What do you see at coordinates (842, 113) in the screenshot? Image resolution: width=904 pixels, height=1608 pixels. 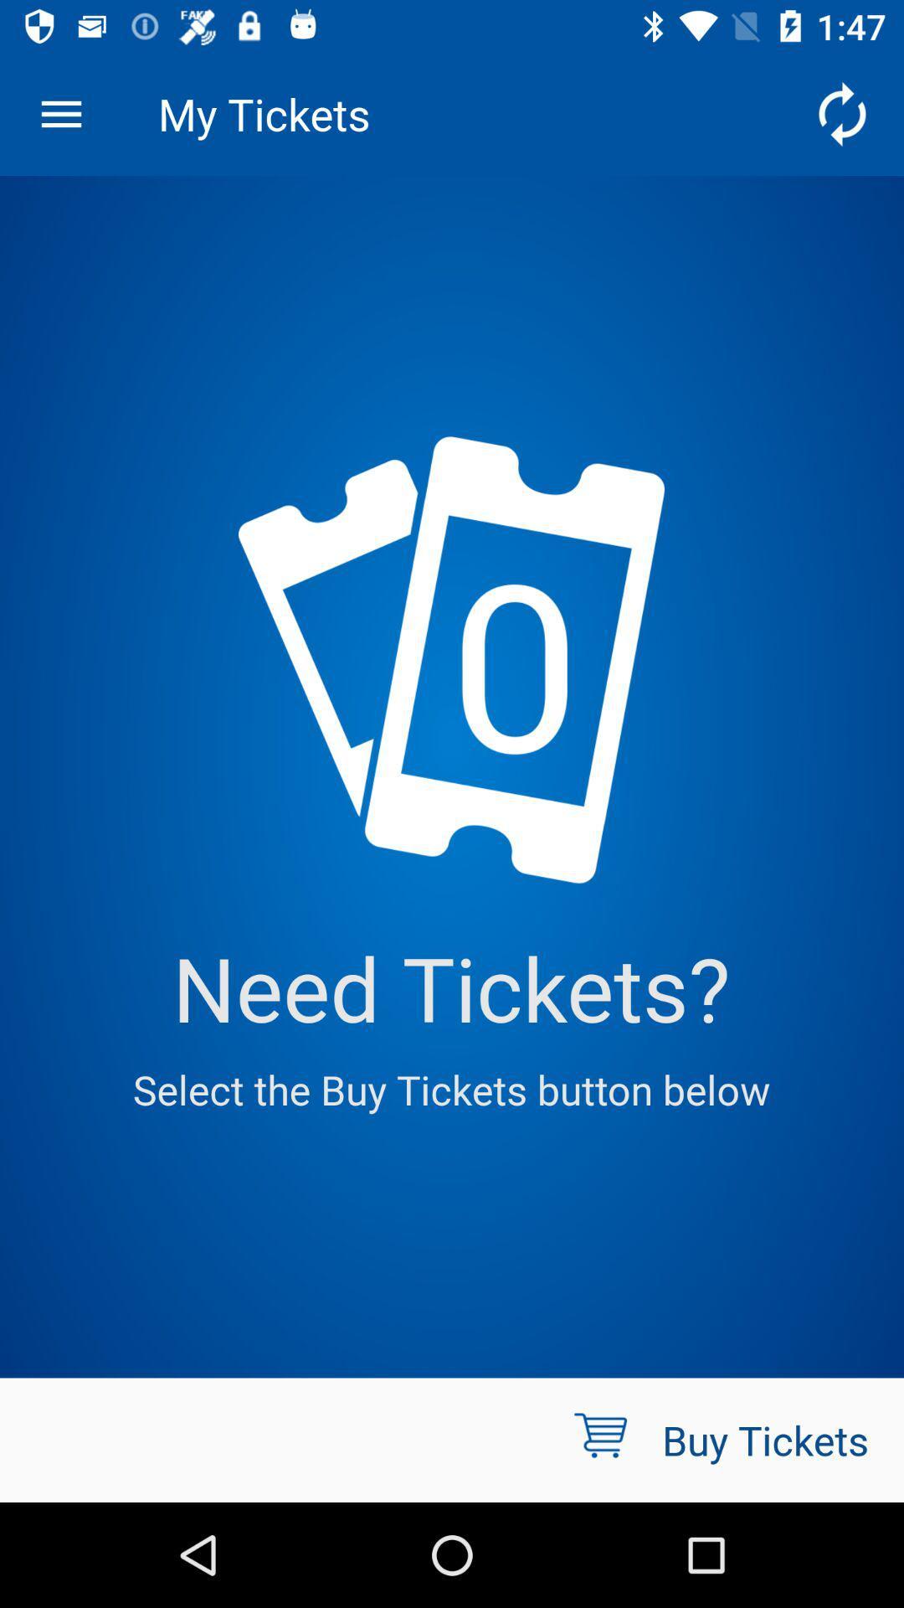 I see `the icon next to the my tickets item` at bounding box center [842, 113].